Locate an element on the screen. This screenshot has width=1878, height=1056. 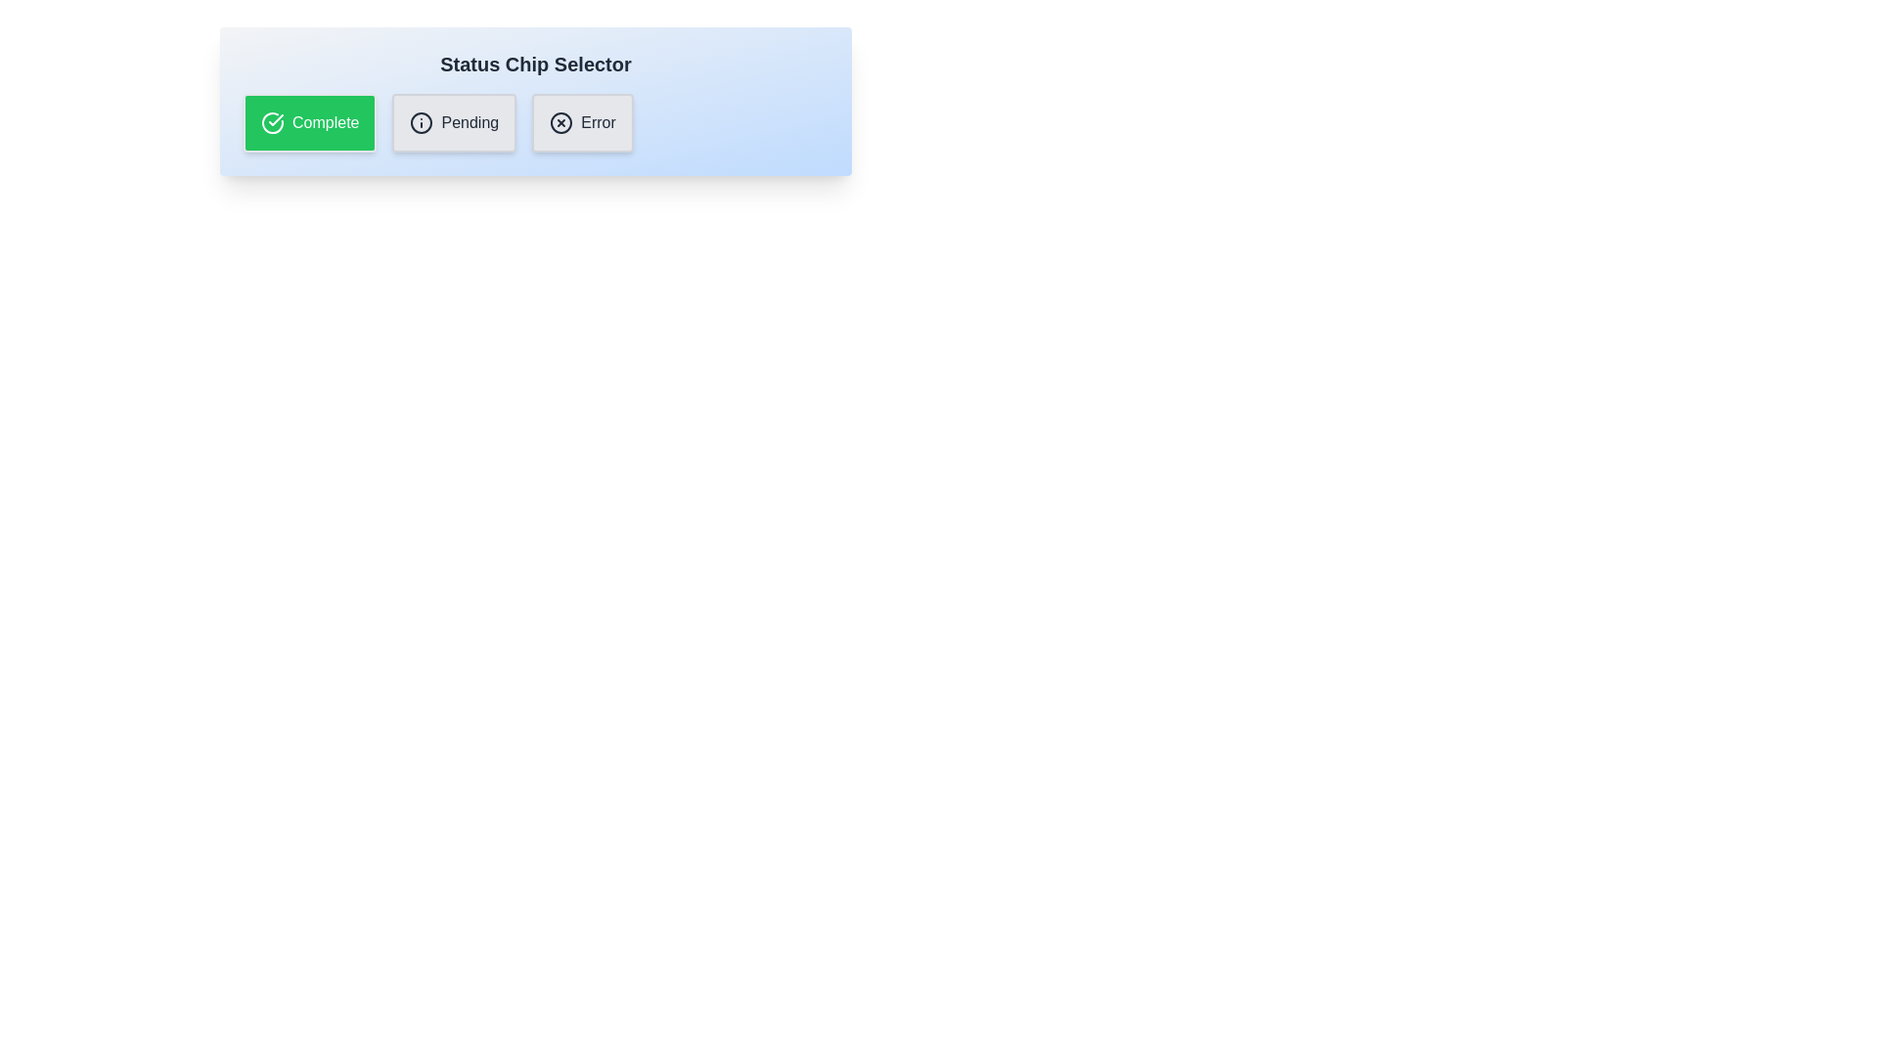
the status chip labeled Complete is located at coordinates (308, 123).